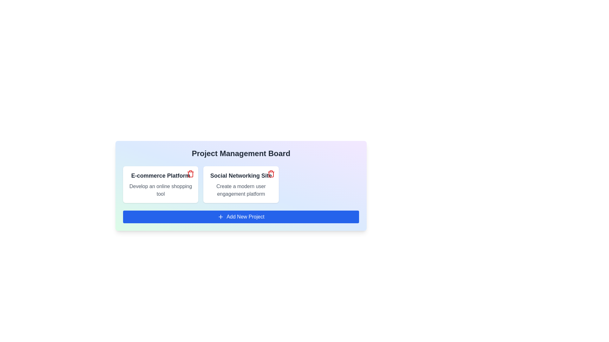 Image resolution: width=609 pixels, height=342 pixels. Describe the element at coordinates (271, 174) in the screenshot. I see `the delete button for the project titled 'Social Networking Site'` at that location.